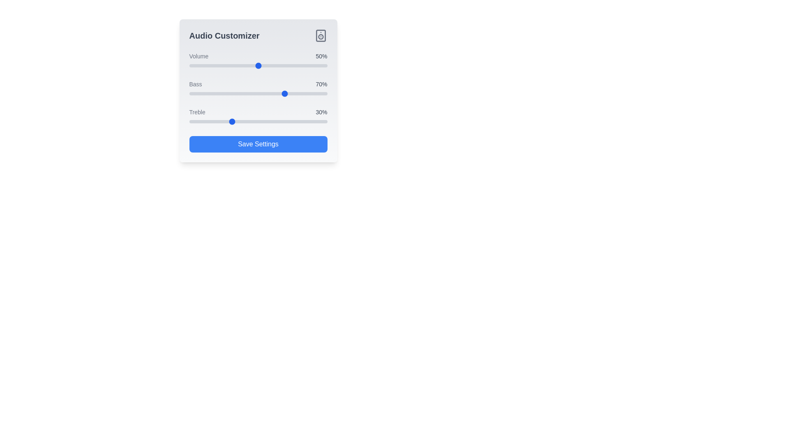  I want to click on the 'Save Settings' button to save the audio preferences, so click(258, 144).